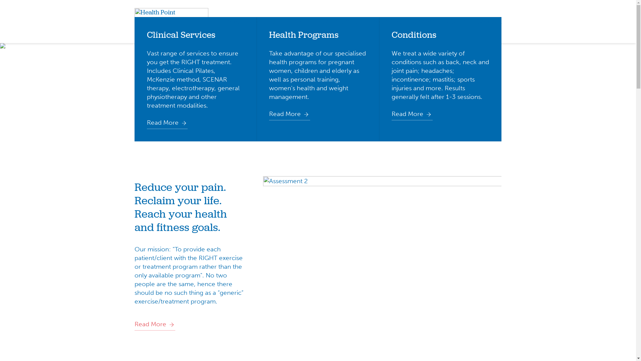 The width and height of the screenshot is (641, 361). What do you see at coordinates (409, 21) in the screenshot?
I see `'Corporate & Clubs'` at bounding box center [409, 21].